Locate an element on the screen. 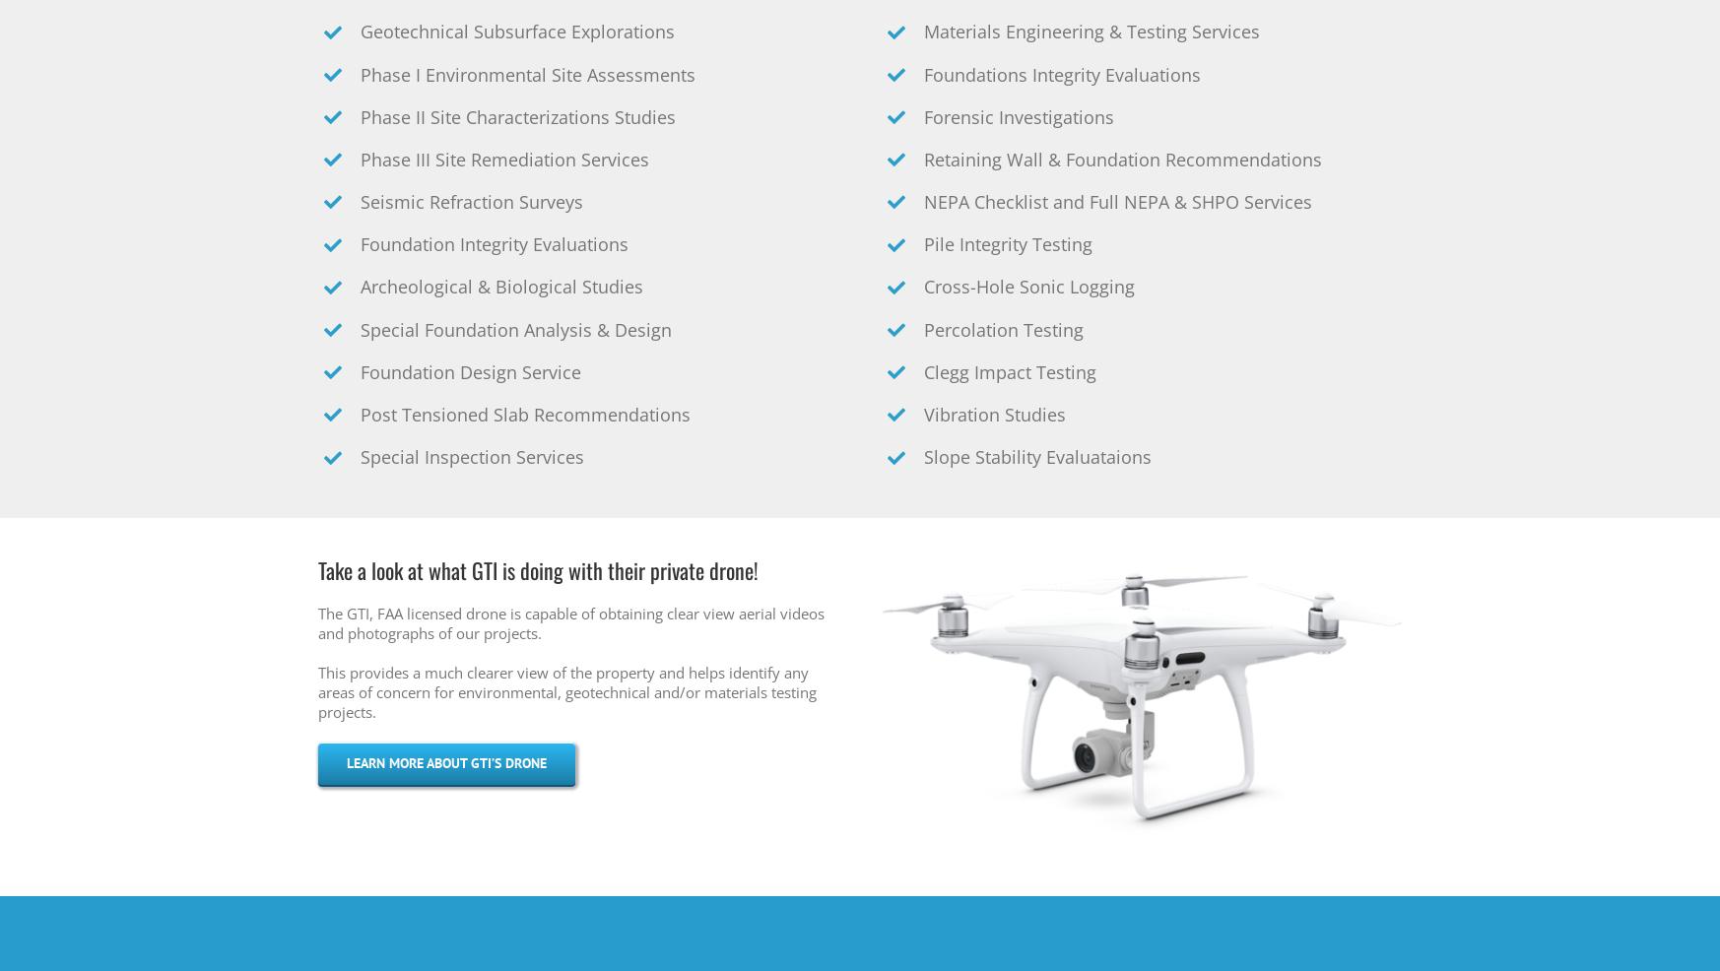 Image resolution: width=1720 pixels, height=971 pixels. 'Take a look at what GTI is doing with their private drone!' is located at coordinates (537, 570).